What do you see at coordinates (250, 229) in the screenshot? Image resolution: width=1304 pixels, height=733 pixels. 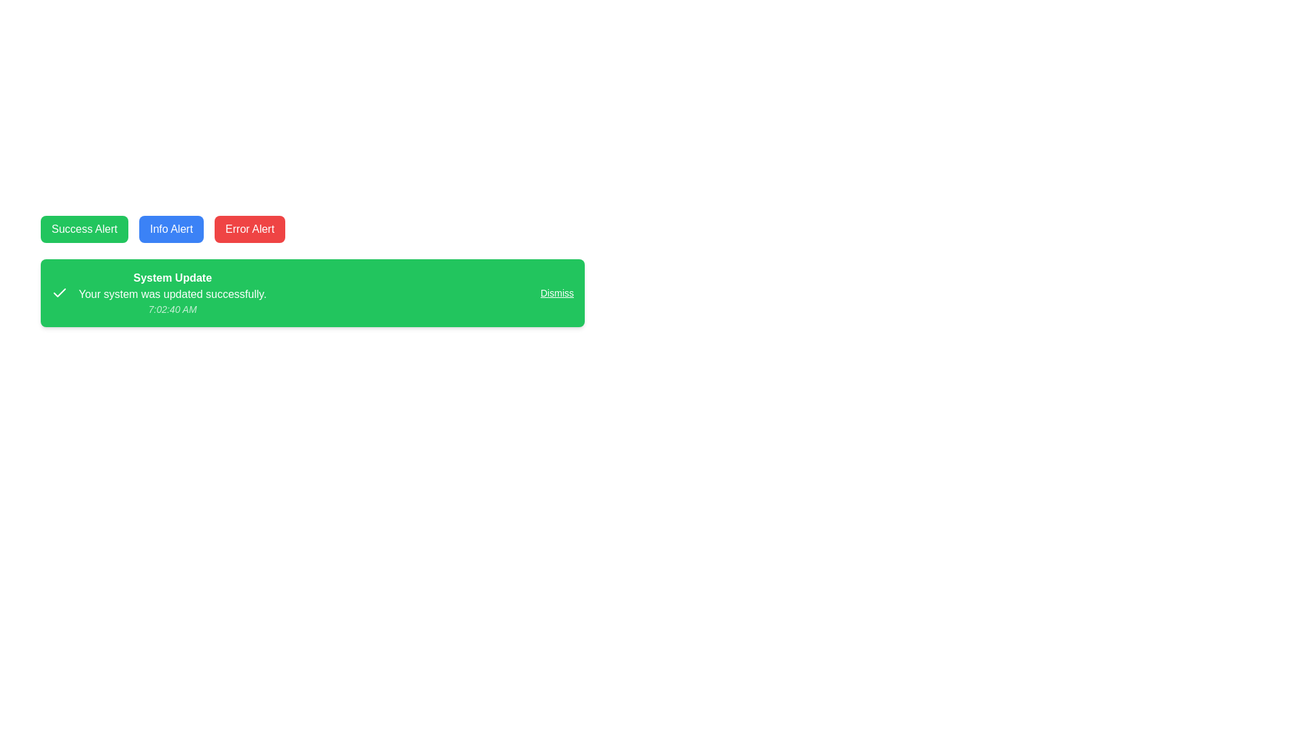 I see `the interactive error-handling button, which is the third button in a horizontal group, located to the right of the 'Info Alert' button` at bounding box center [250, 229].